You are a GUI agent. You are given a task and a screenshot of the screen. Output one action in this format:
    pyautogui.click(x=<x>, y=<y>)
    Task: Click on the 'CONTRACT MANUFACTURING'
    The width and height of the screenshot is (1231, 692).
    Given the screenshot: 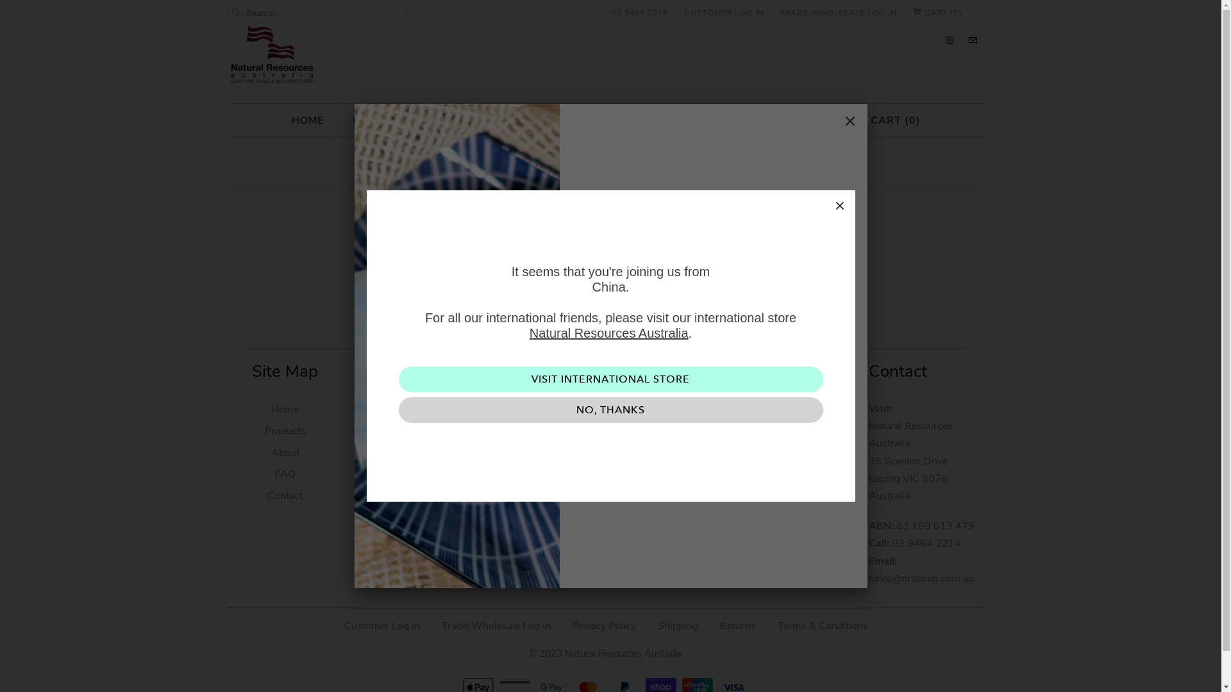 What is the action you would take?
    pyautogui.click(x=612, y=120)
    